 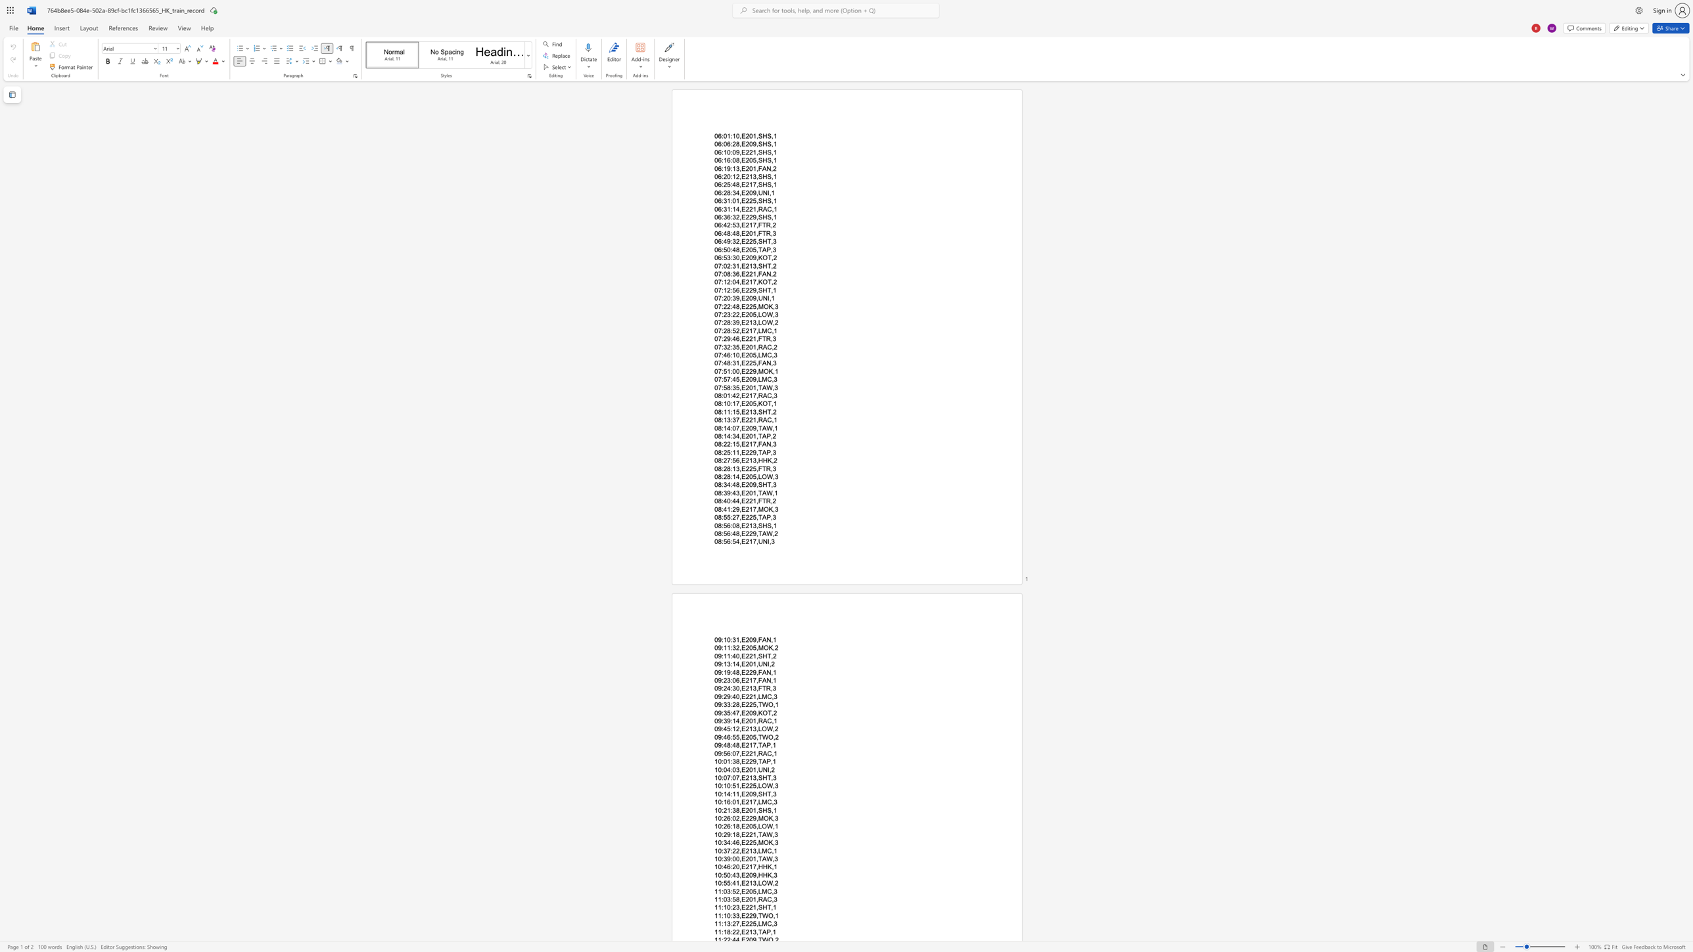 What do you see at coordinates (770, 866) in the screenshot?
I see `the space between the continuous character "K" and "," in the text` at bounding box center [770, 866].